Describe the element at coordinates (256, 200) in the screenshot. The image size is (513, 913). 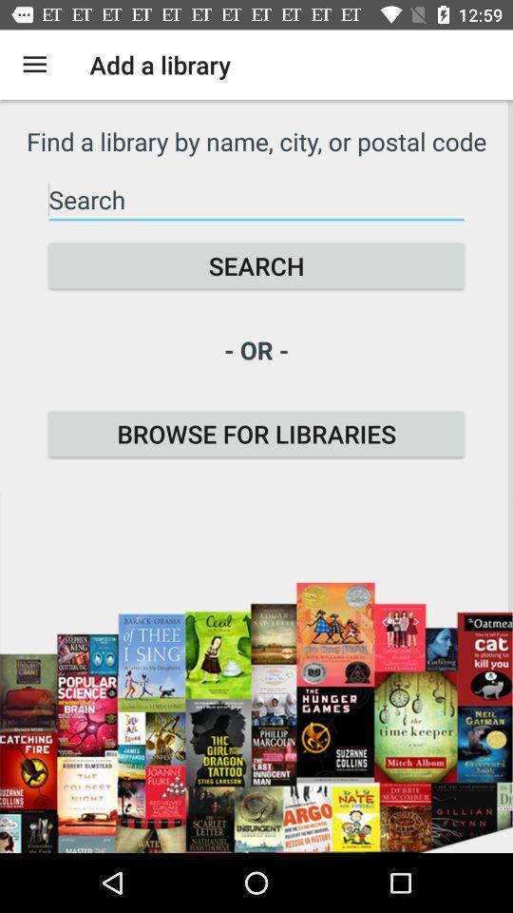
I see `the item below the find a library` at that location.